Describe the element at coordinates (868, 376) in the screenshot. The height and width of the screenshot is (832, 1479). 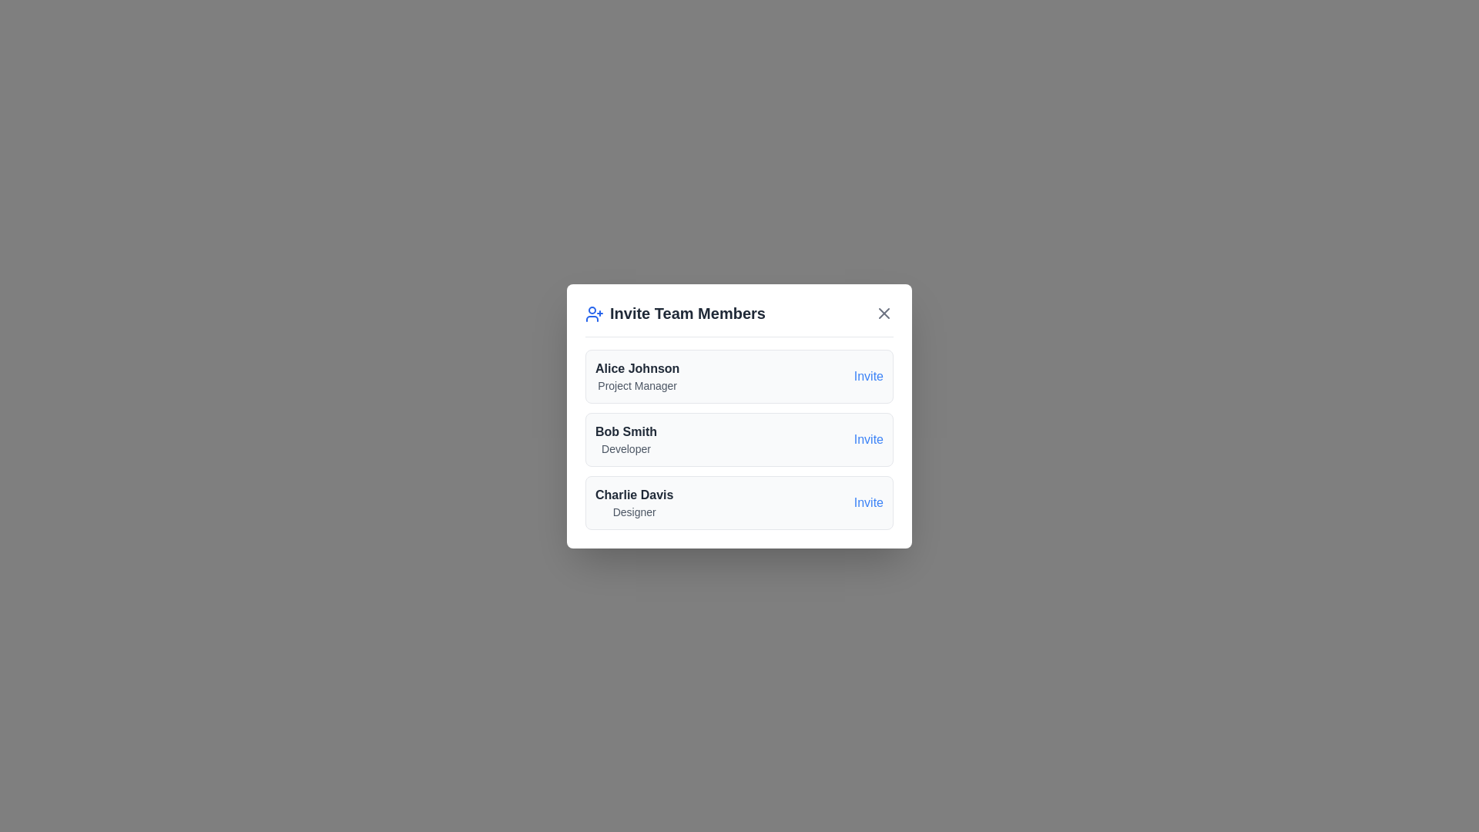
I see `the invite button for Alice Johnson` at that location.